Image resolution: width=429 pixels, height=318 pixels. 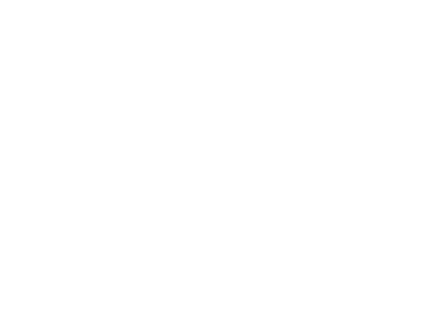 What do you see at coordinates (87, 310) in the screenshot?
I see `'office furniture'` at bounding box center [87, 310].